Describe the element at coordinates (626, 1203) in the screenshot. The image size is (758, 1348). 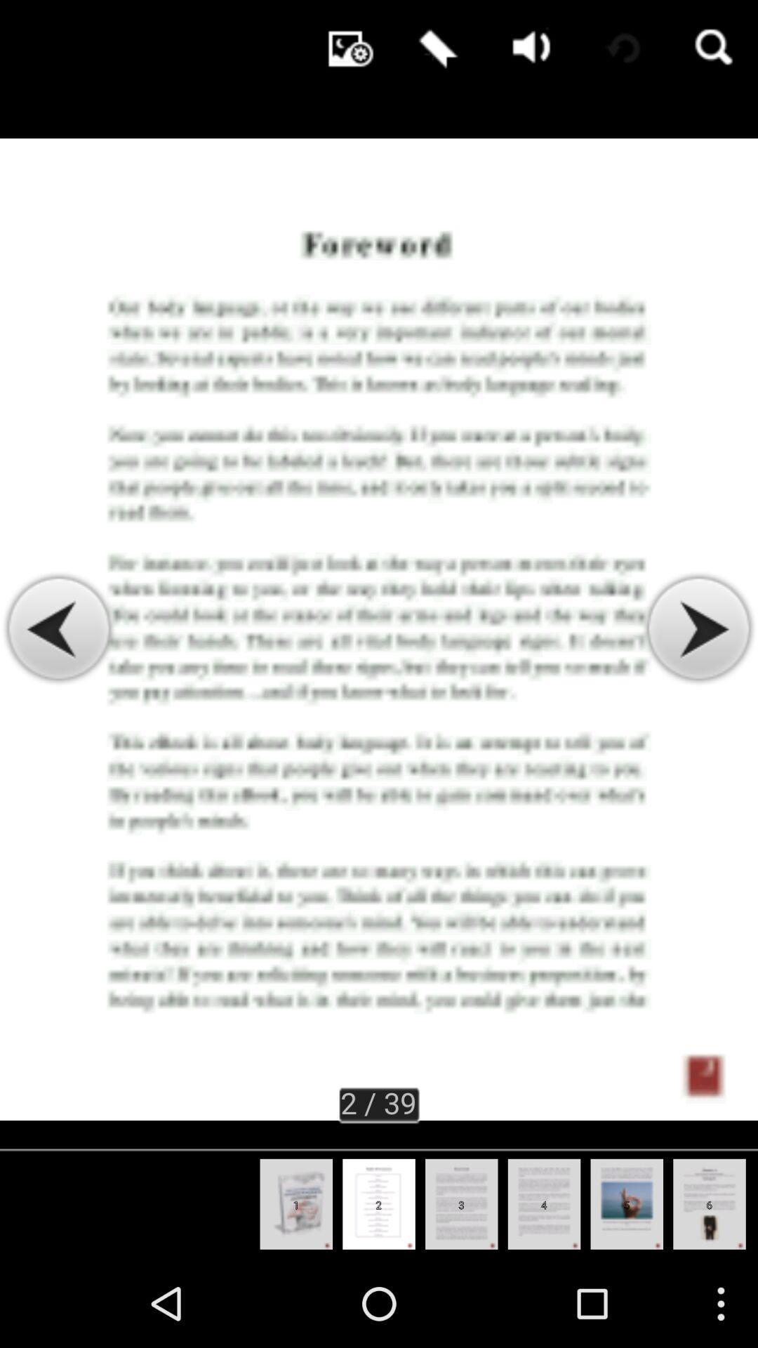
I see `fifth image at bottom` at that location.